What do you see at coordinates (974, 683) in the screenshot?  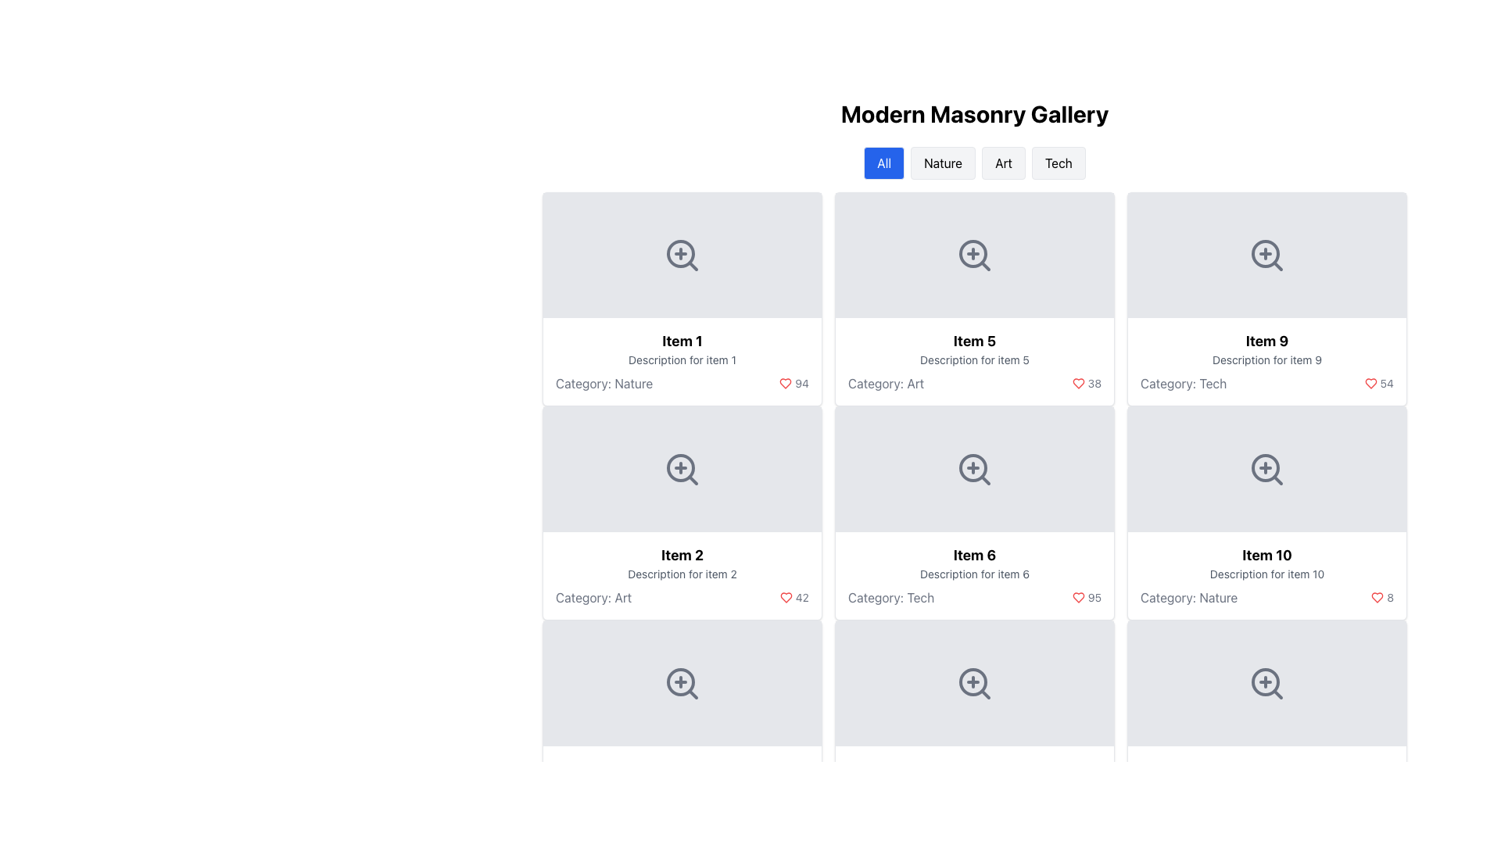 I see `the magnifying glass icon with a '+' symbol located in the bottom section of the card labeled 'Item 7 Description for item 7 Category: Nature 68' in the 'Modern Masonry Gallery' grid layout` at bounding box center [974, 683].